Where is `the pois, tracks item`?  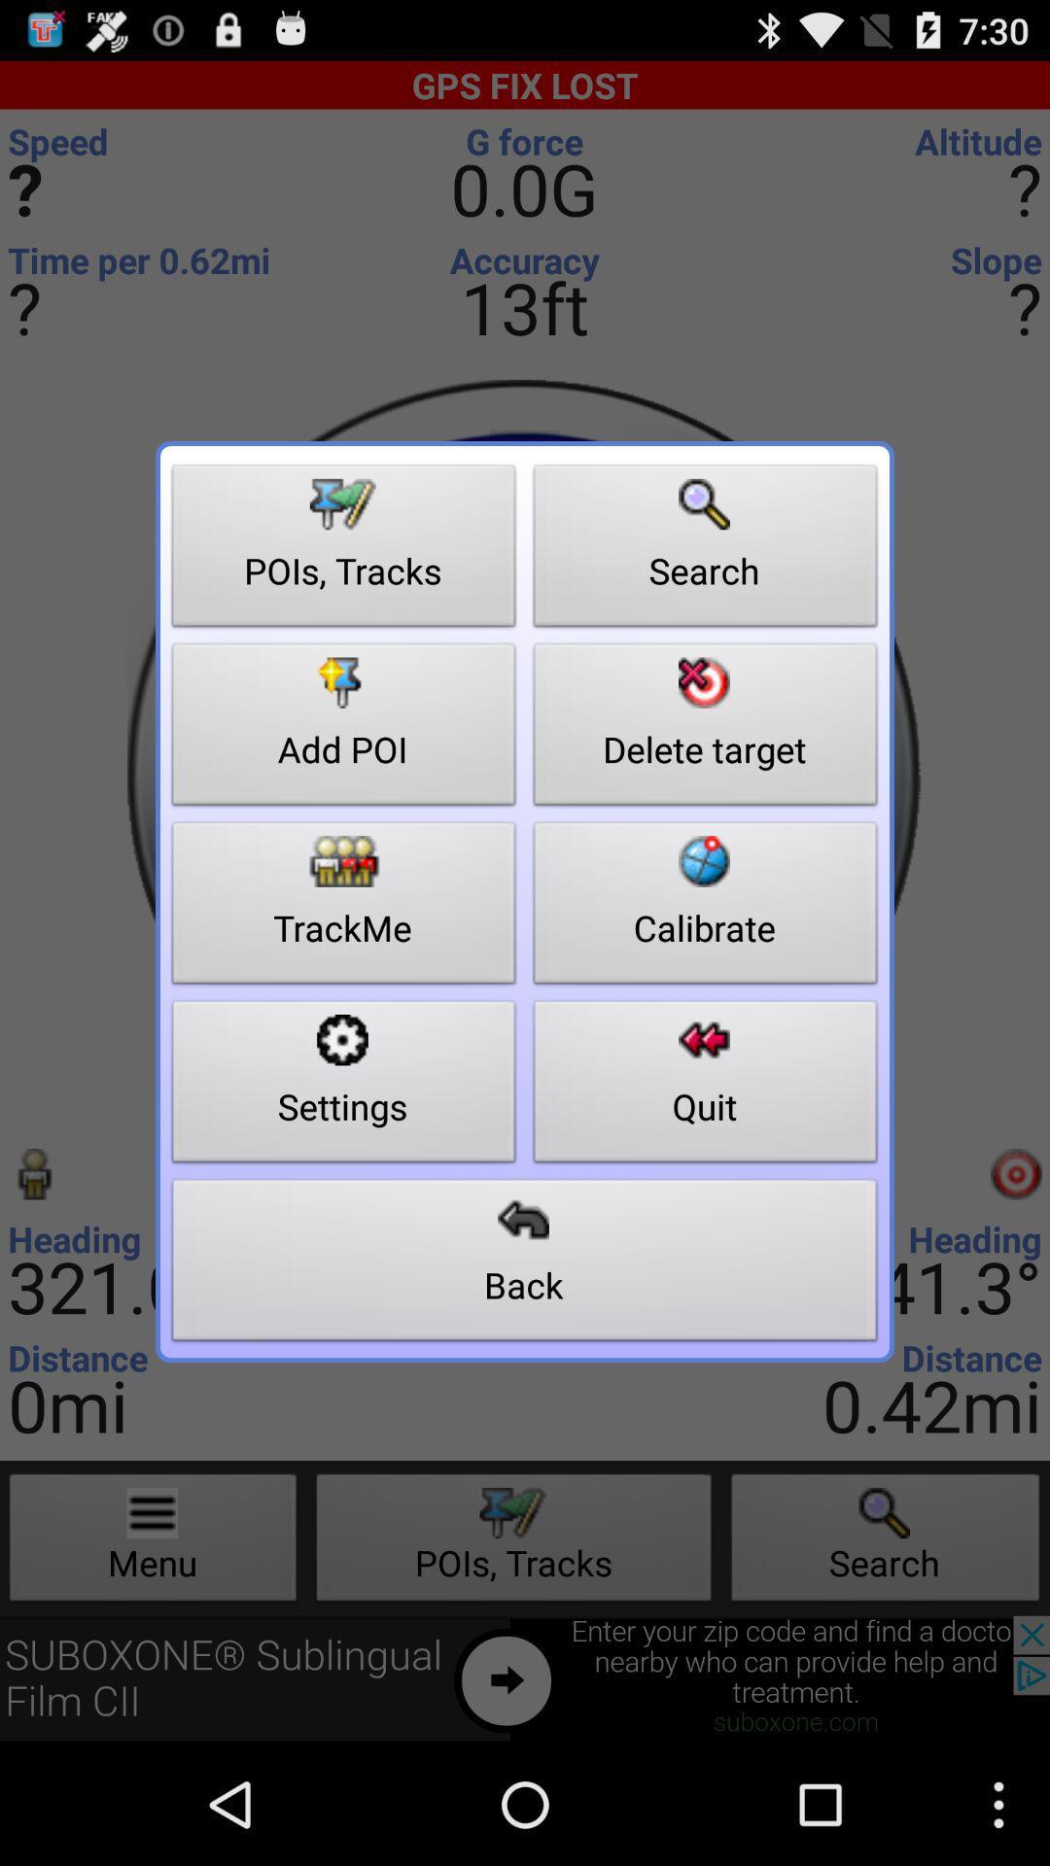
the pois, tracks item is located at coordinates (343, 550).